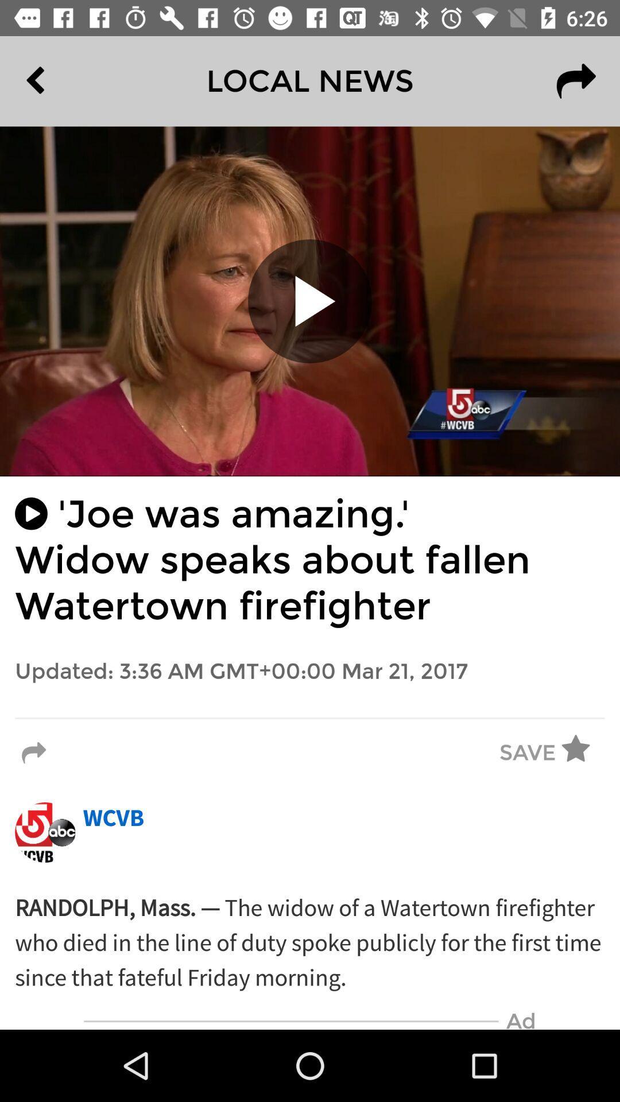 The height and width of the screenshot is (1102, 620). I want to click on the item to the left of save item, so click(33, 753).